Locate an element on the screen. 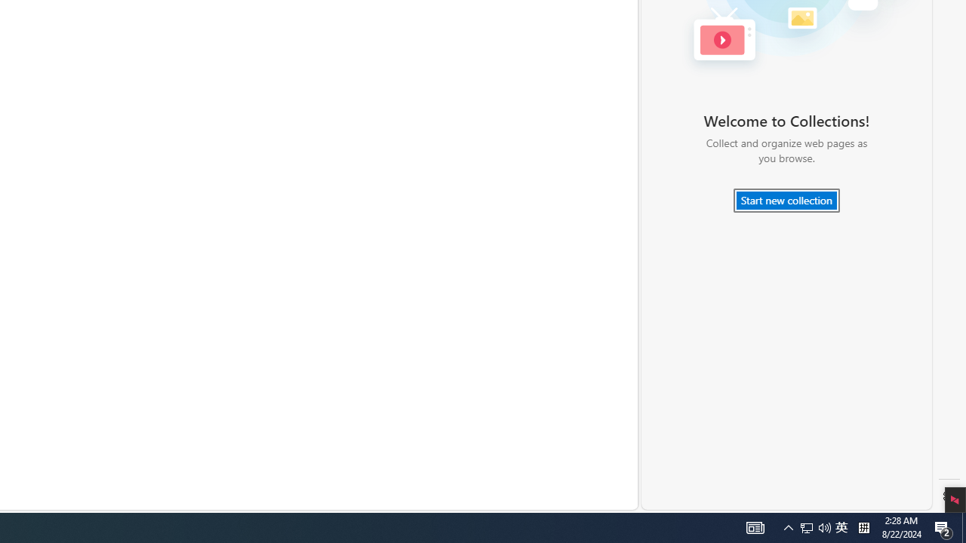 The image size is (966, 543). 'Start new collection' is located at coordinates (786, 199).